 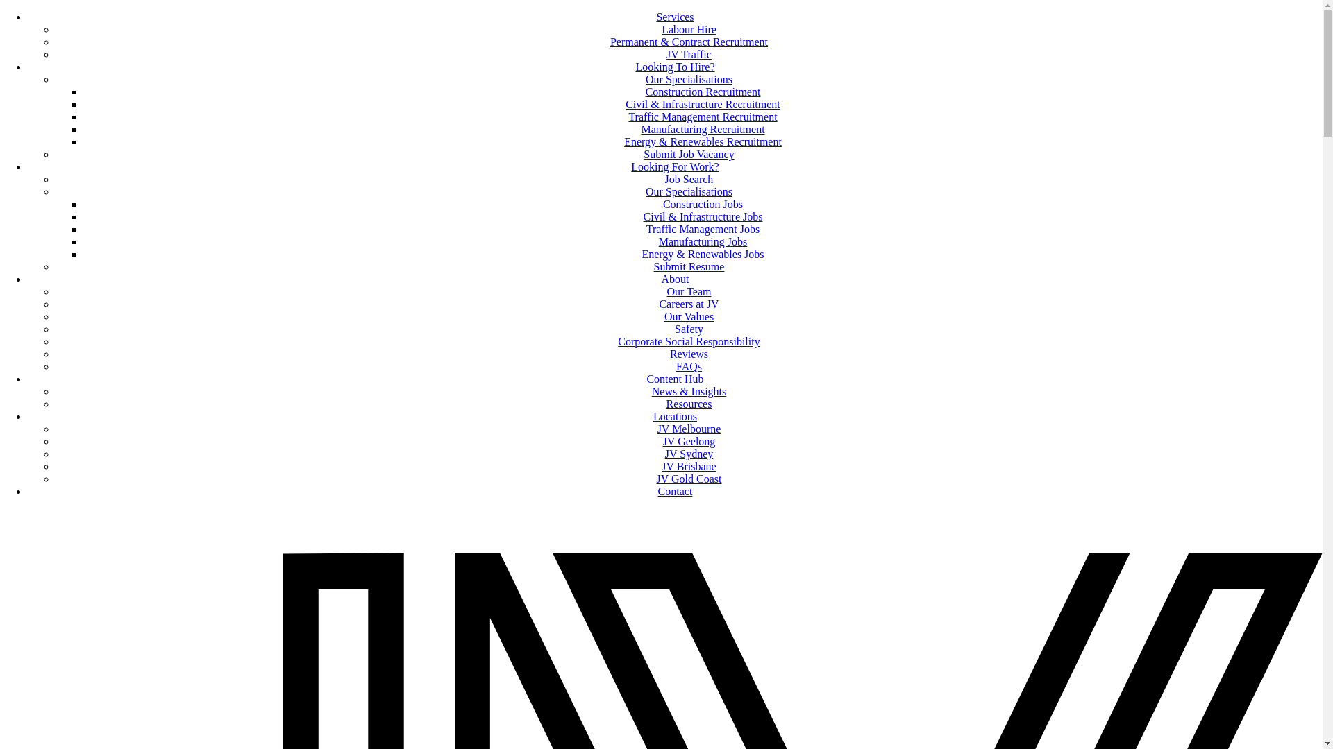 What do you see at coordinates (689, 404) in the screenshot?
I see `'Resources'` at bounding box center [689, 404].